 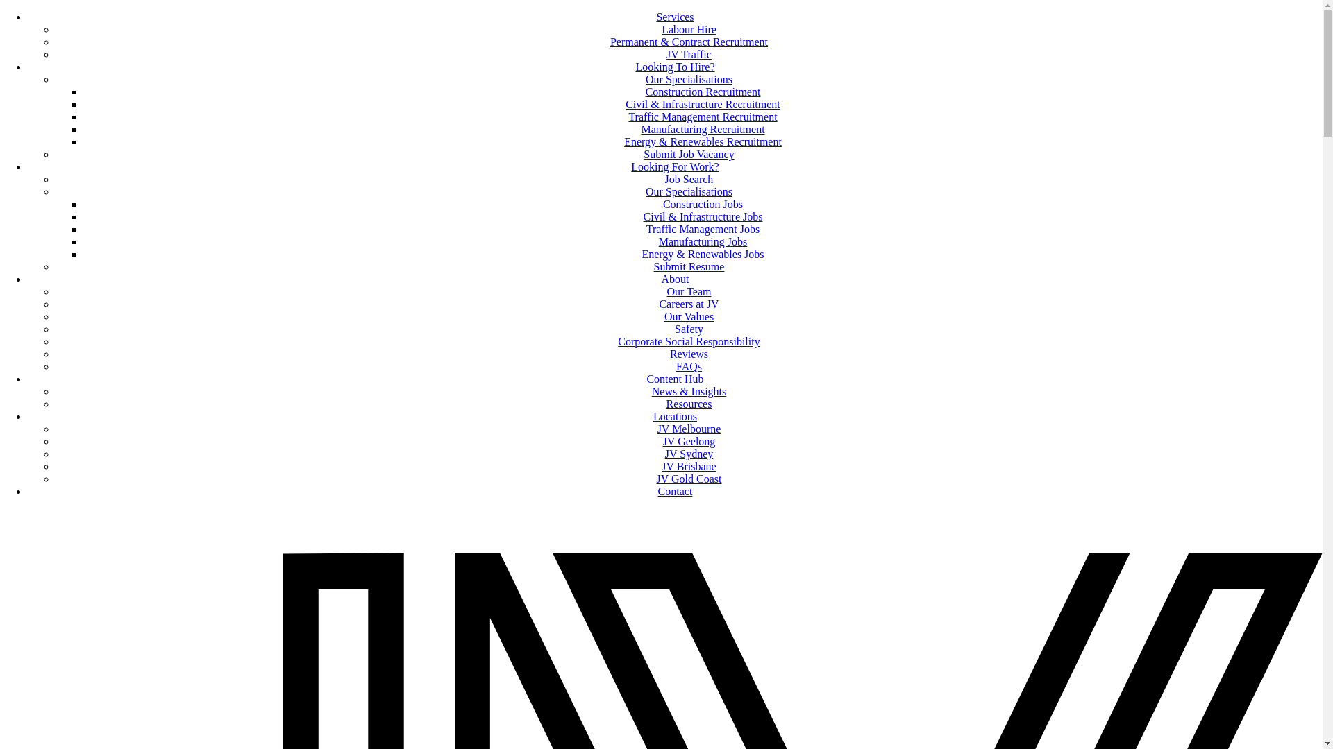 What do you see at coordinates (689, 404) in the screenshot?
I see `'Resources'` at bounding box center [689, 404].